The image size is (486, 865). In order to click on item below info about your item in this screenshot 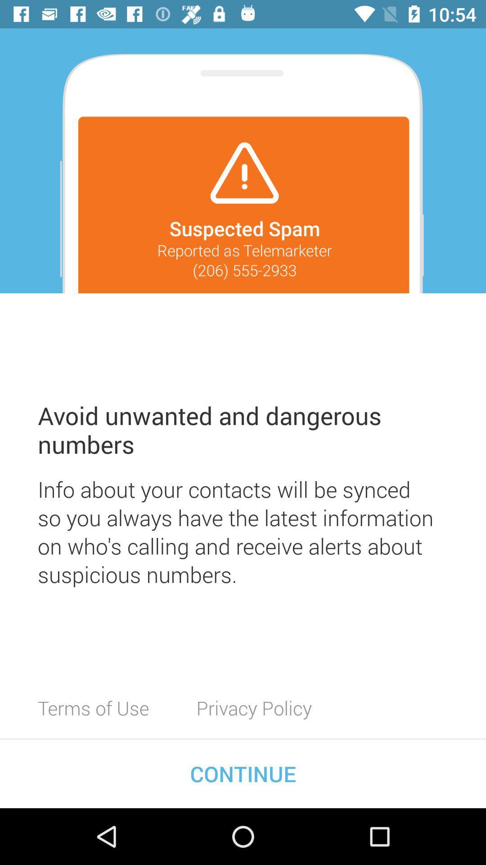, I will do `click(93, 707)`.